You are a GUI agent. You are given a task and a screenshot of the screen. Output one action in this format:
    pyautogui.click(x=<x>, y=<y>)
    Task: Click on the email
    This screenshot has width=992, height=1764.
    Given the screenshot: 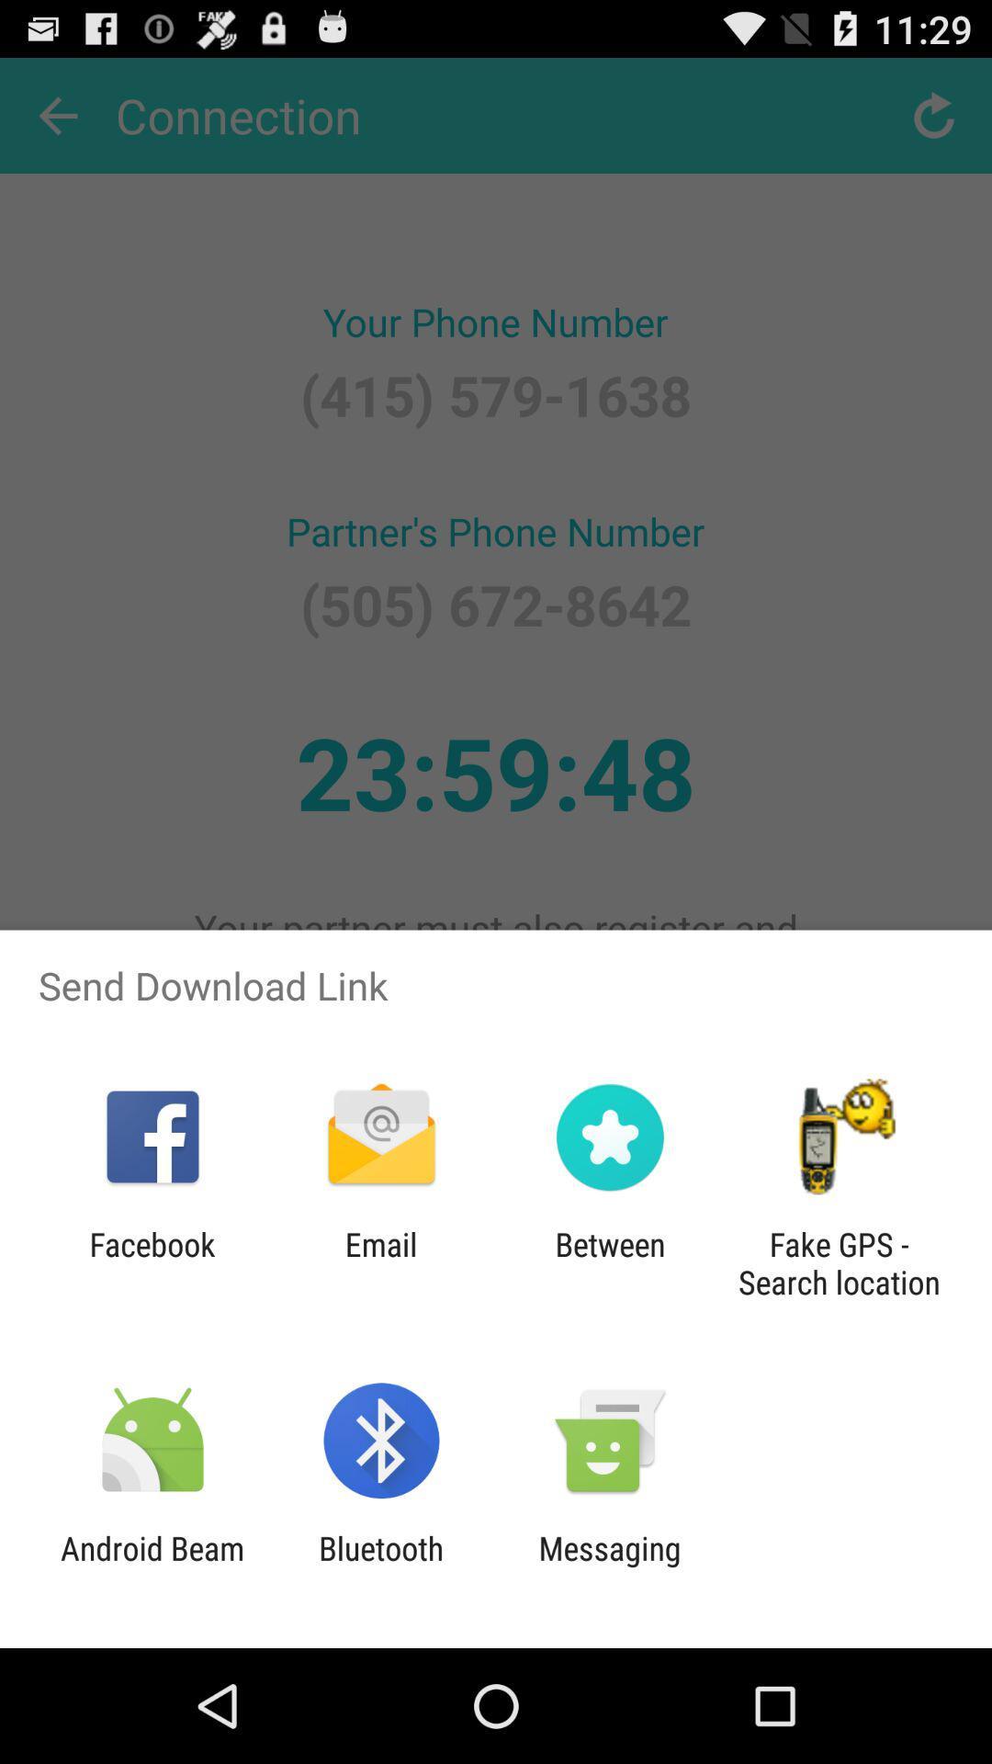 What is the action you would take?
    pyautogui.click(x=380, y=1262)
    